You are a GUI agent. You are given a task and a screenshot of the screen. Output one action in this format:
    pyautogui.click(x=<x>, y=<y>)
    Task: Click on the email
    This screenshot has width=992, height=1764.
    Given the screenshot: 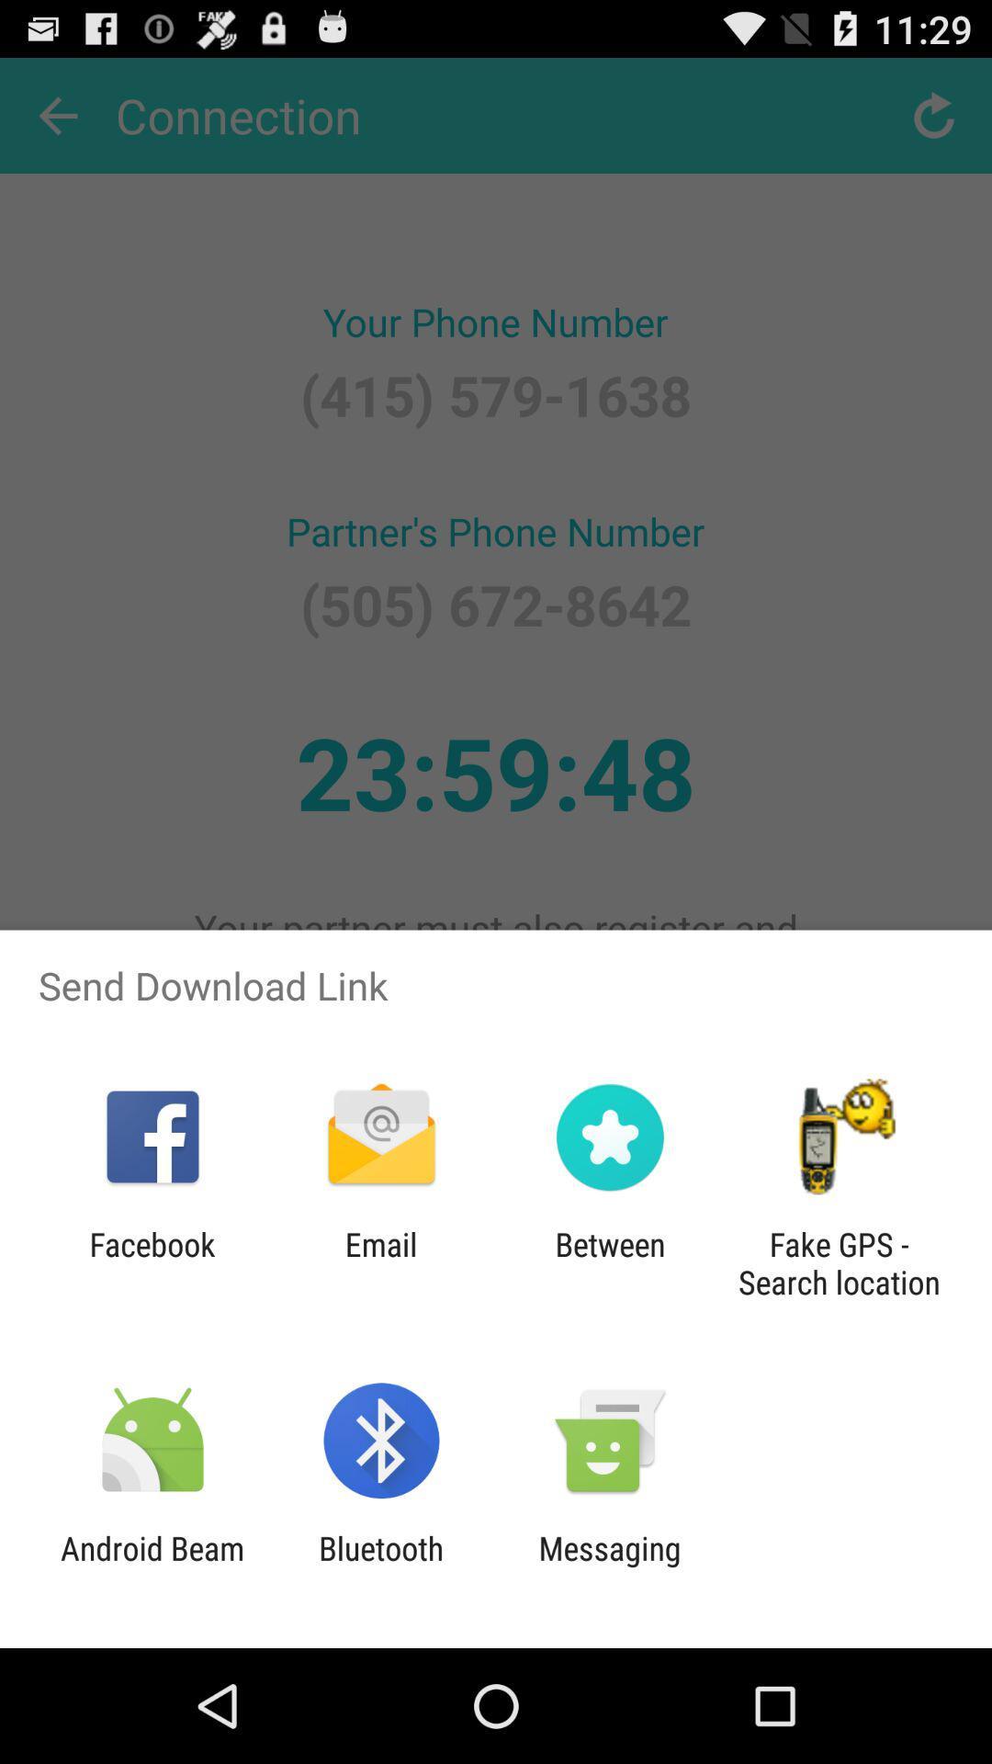 What is the action you would take?
    pyautogui.click(x=380, y=1262)
    